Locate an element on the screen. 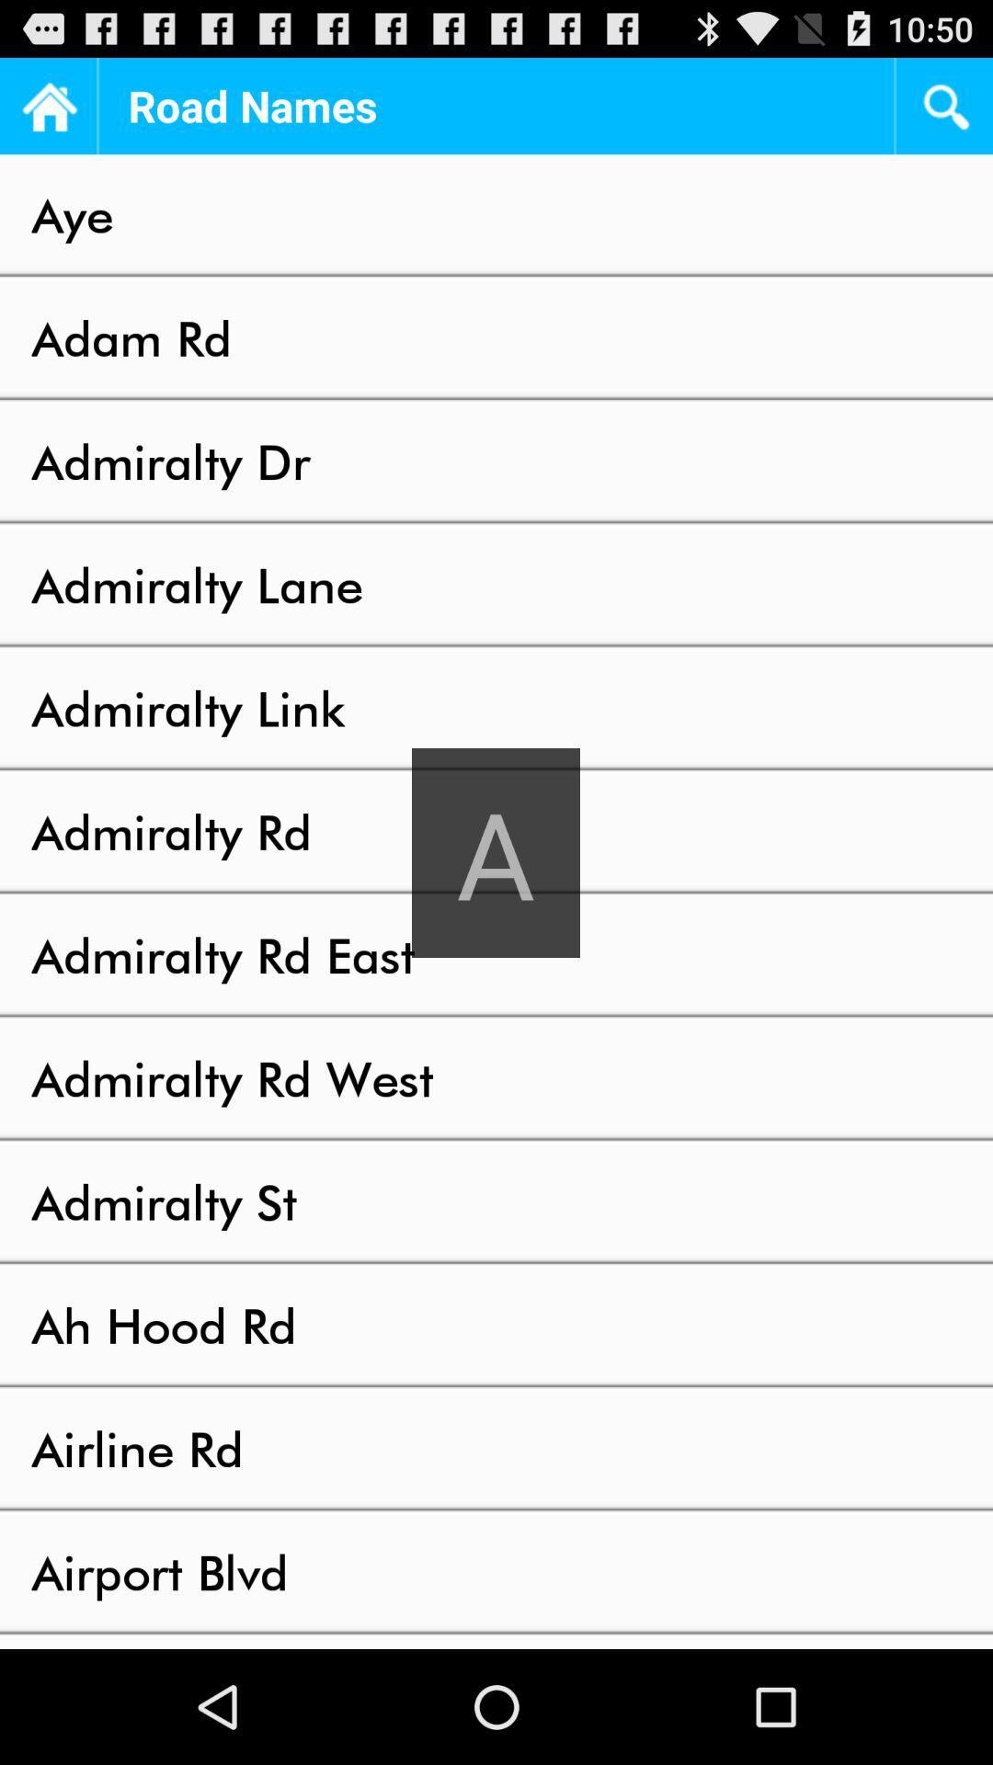  the home page is located at coordinates (47, 105).